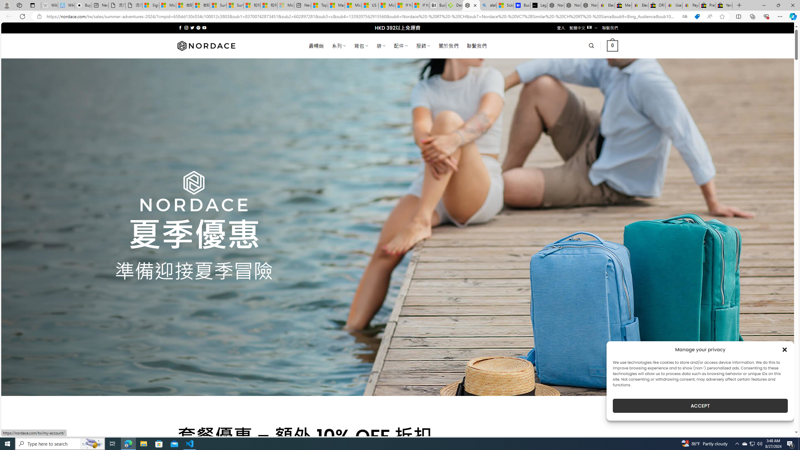  Describe the element at coordinates (707, 5) in the screenshot. I see `'Press Room - eBay Inc.'` at that location.